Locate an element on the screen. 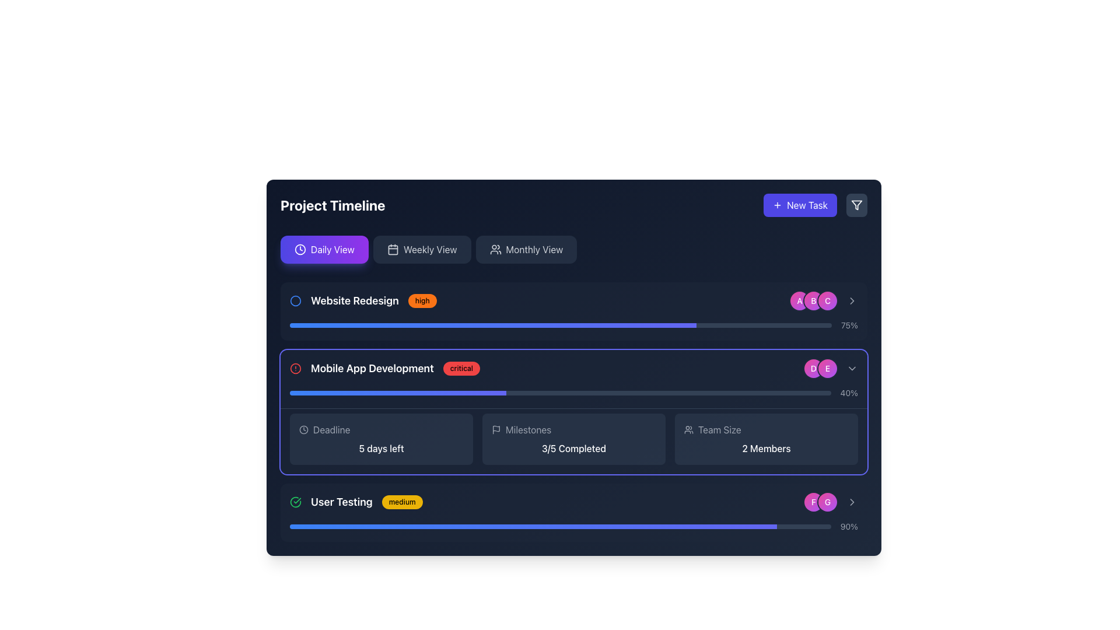  the clock indicator icon located to the left of the 'Daily View' text is located at coordinates (300, 249).